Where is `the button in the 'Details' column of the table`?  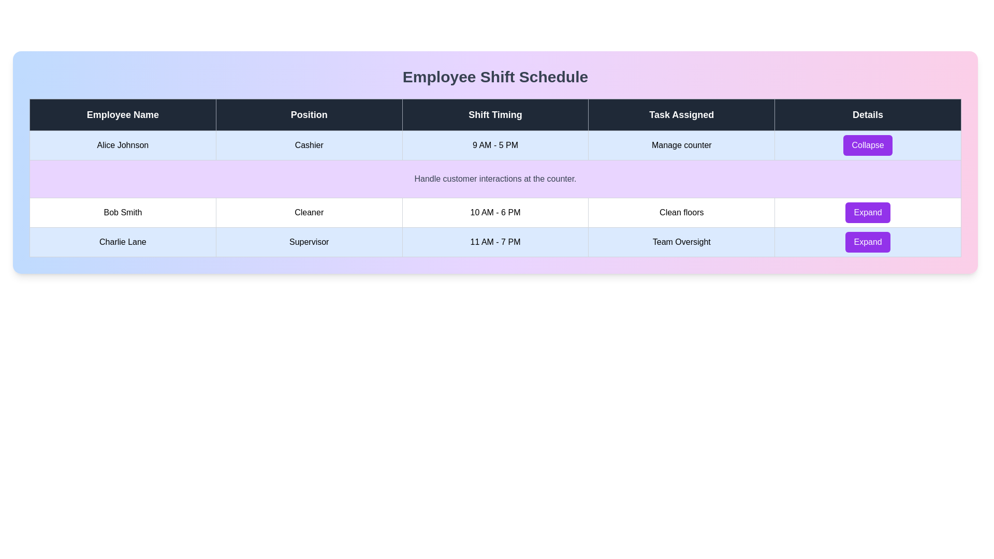 the button in the 'Details' column of the table is located at coordinates (868, 145).